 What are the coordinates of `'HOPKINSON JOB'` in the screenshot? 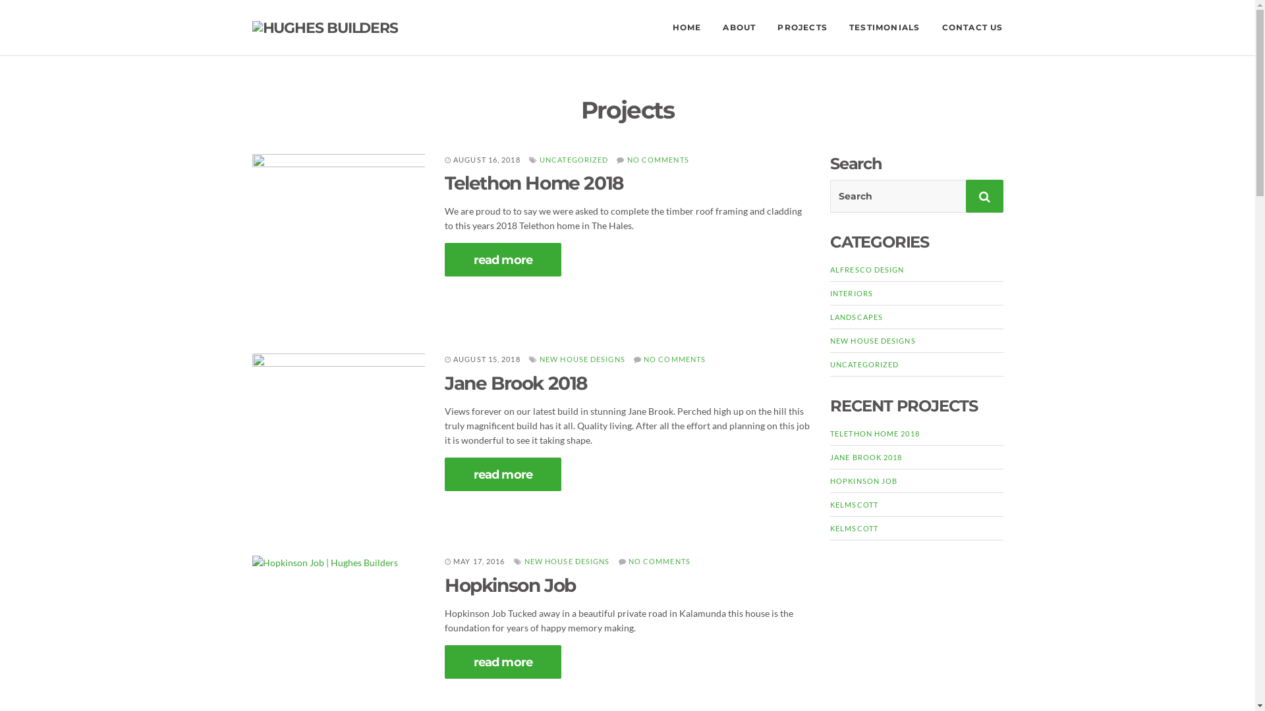 It's located at (829, 481).